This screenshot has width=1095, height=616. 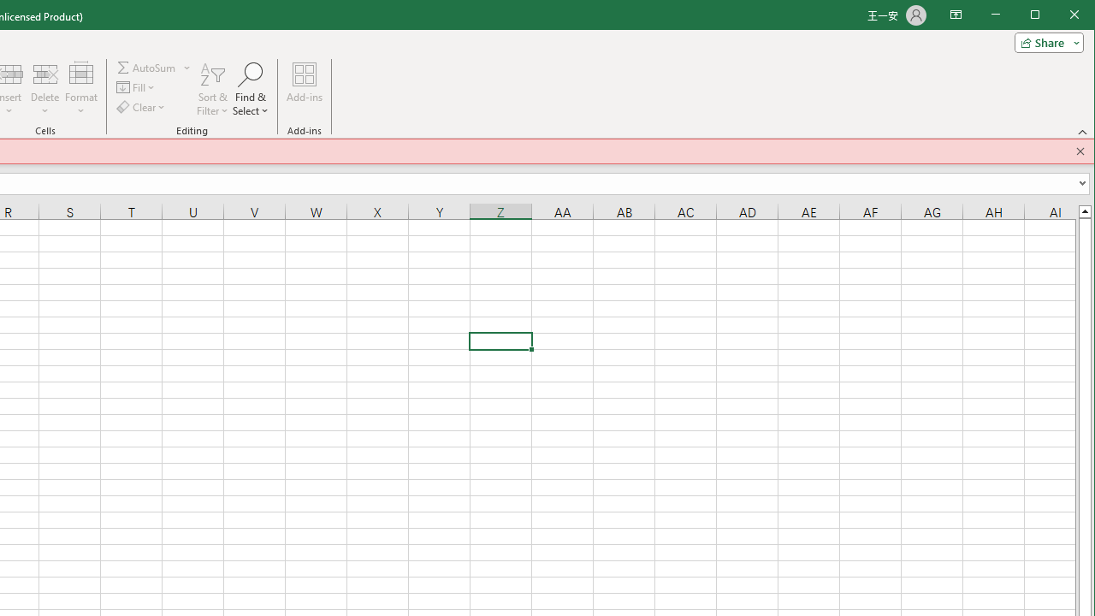 I want to click on 'AutoSum', so click(x=154, y=67).